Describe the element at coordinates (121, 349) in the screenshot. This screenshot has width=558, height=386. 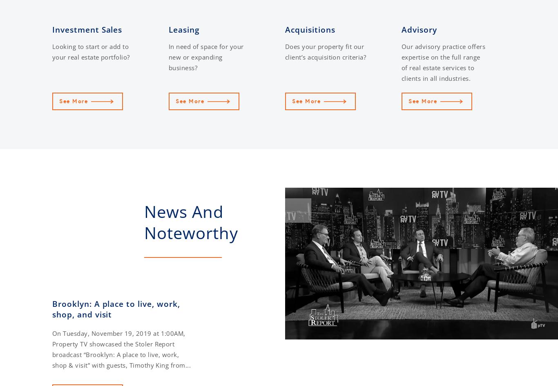
I see `'On Tuesday, November 19, 2019 at 1:00AM, Property TV showcased the Stoler Report broadcast “Brooklyn: A place to live, work, shop & visit” with guests, Timothy King from...'` at that location.